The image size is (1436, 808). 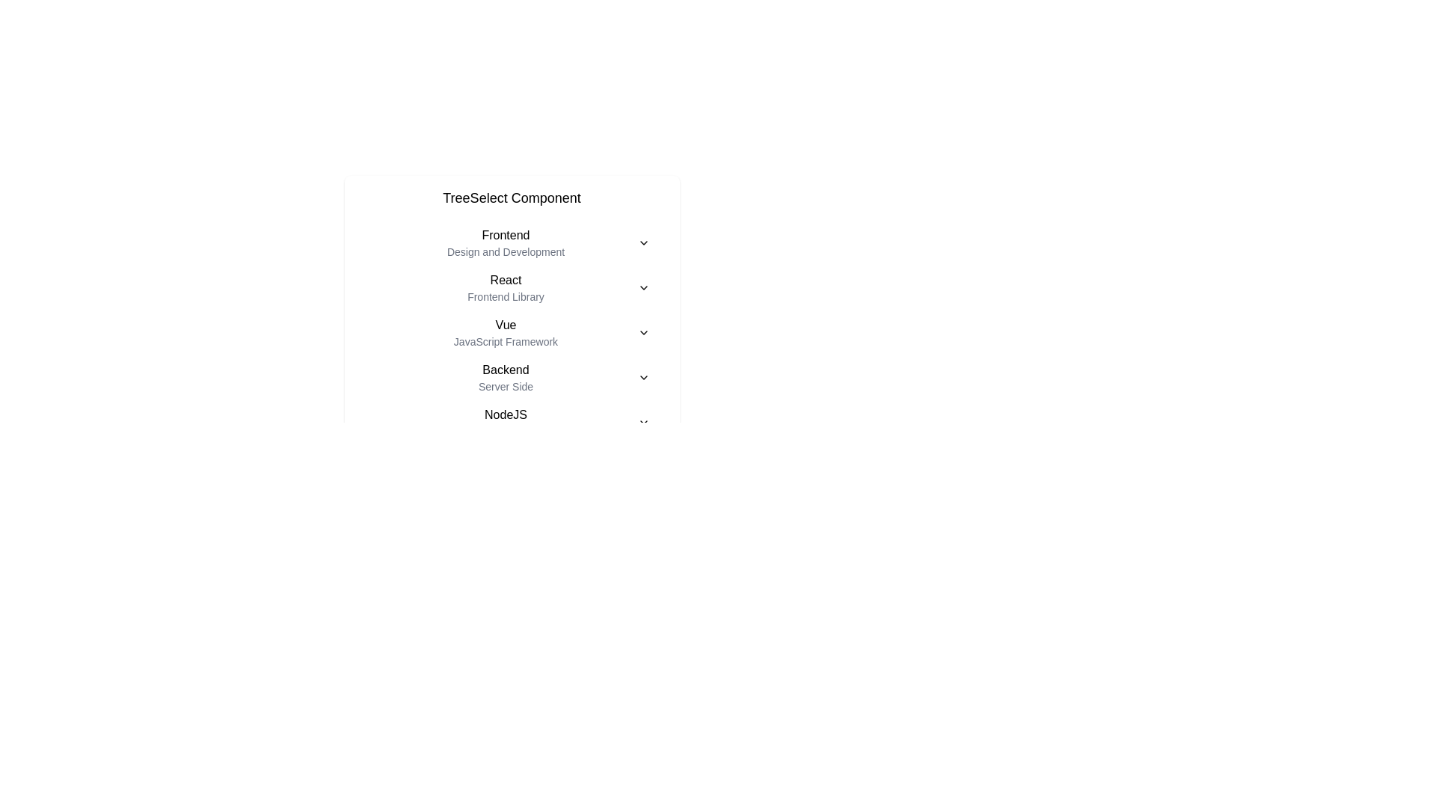 What do you see at coordinates (512, 288) in the screenshot?
I see `the Tree select item labeled 'FrontendDesign and DevelopmentReactFrontend LibraryVueJavaScript Framework' which is the second option in the 'Frontend' branch of the hierarchy` at bounding box center [512, 288].